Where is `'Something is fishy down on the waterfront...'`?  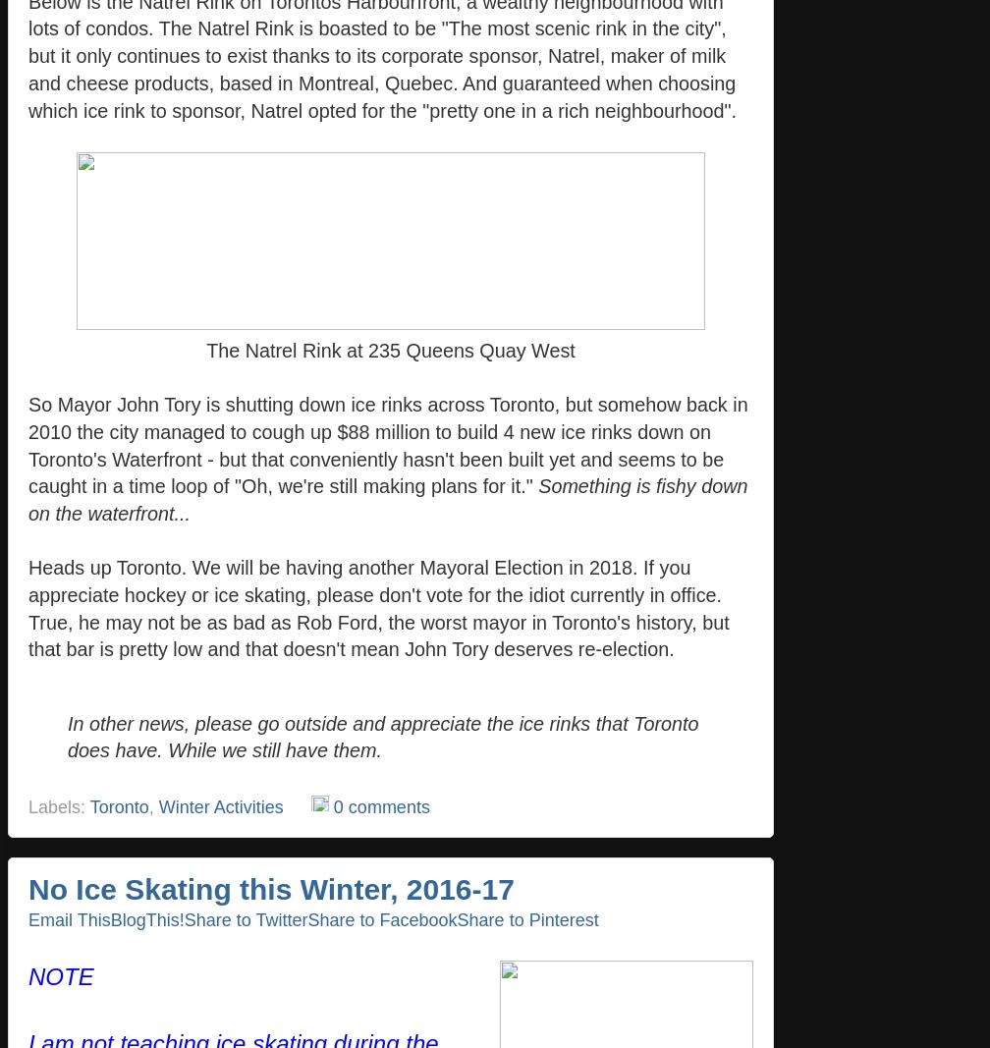
'Something is fishy down on the waterfront...' is located at coordinates (28, 498).